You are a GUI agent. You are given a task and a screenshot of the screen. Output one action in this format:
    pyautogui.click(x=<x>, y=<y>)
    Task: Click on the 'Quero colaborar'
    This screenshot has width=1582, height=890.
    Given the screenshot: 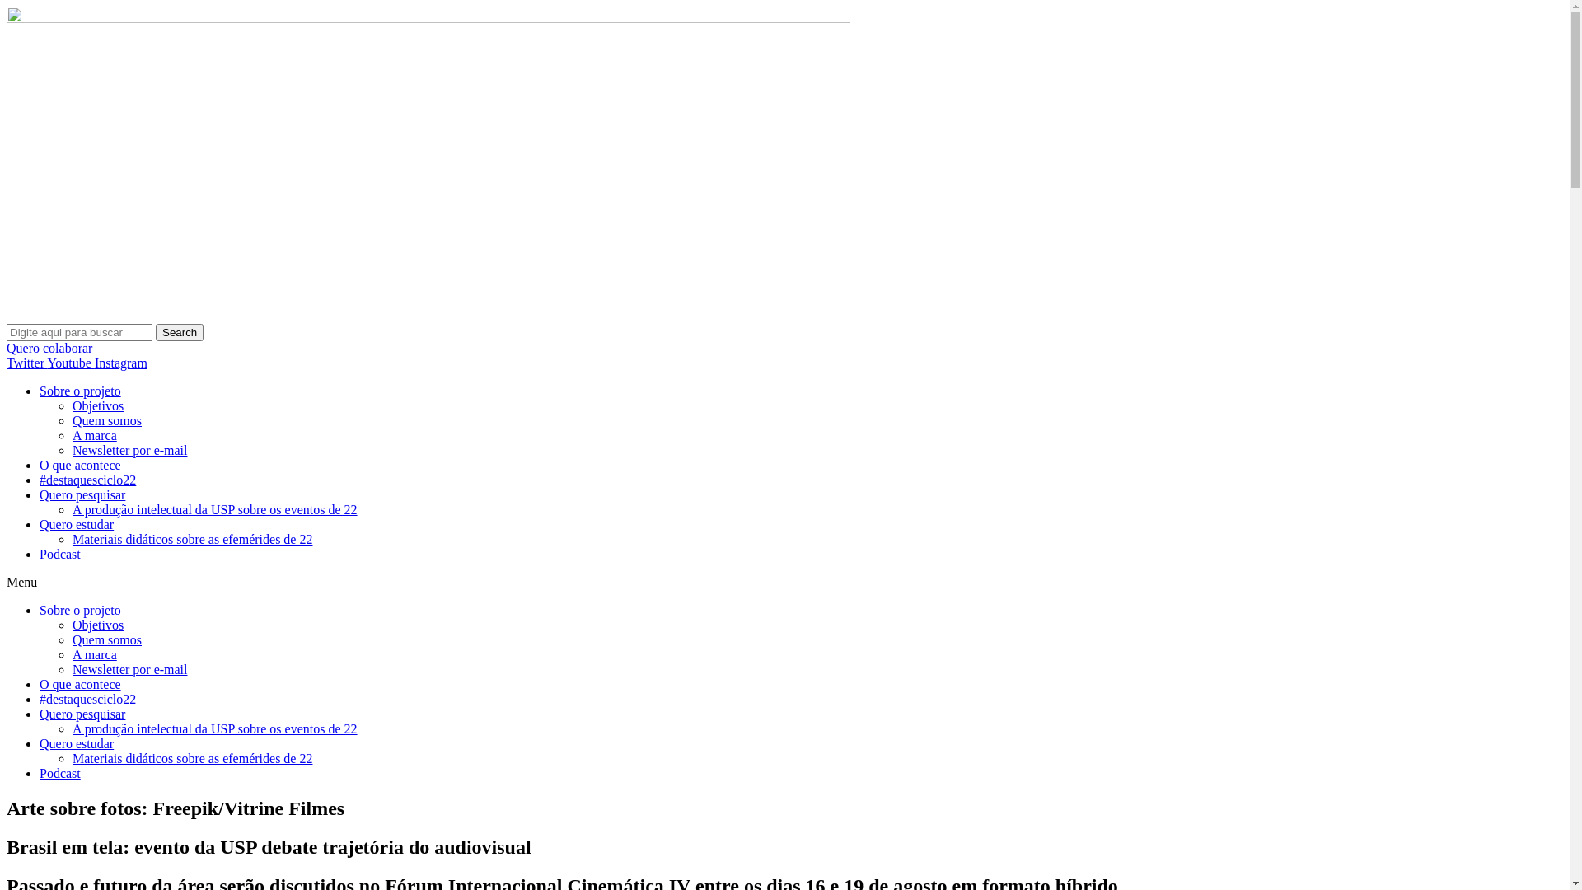 What is the action you would take?
    pyautogui.click(x=49, y=347)
    